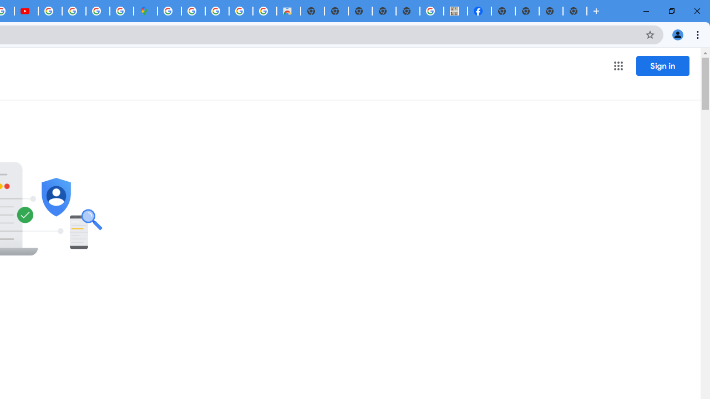 This screenshot has width=710, height=399. What do you see at coordinates (169, 11) in the screenshot?
I see `'Sign in - Google Accounts'` at bounding box center [169, 11].